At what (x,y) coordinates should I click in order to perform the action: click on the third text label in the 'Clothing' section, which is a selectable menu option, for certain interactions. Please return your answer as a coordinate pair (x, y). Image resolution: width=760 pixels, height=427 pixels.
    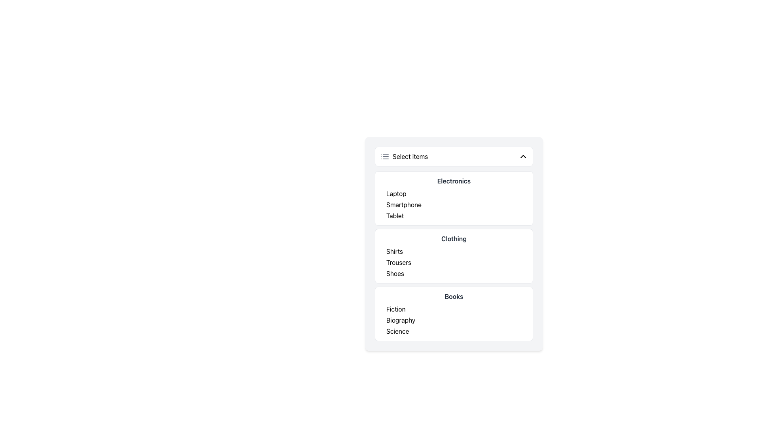
    Looking at the image, I should click on (457, 273).